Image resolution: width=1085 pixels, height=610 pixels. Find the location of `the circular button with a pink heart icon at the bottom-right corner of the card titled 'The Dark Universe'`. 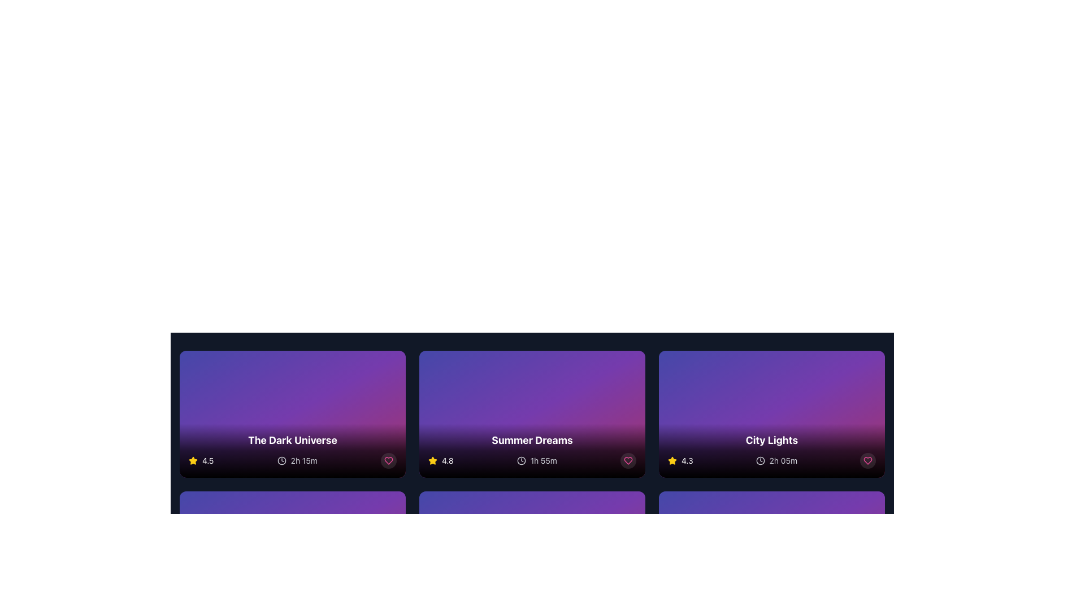

the circular button with a pink heart icon at the bottom-right corner of the card titled 'The Dark Universe' is located at coordinates (388, 461).